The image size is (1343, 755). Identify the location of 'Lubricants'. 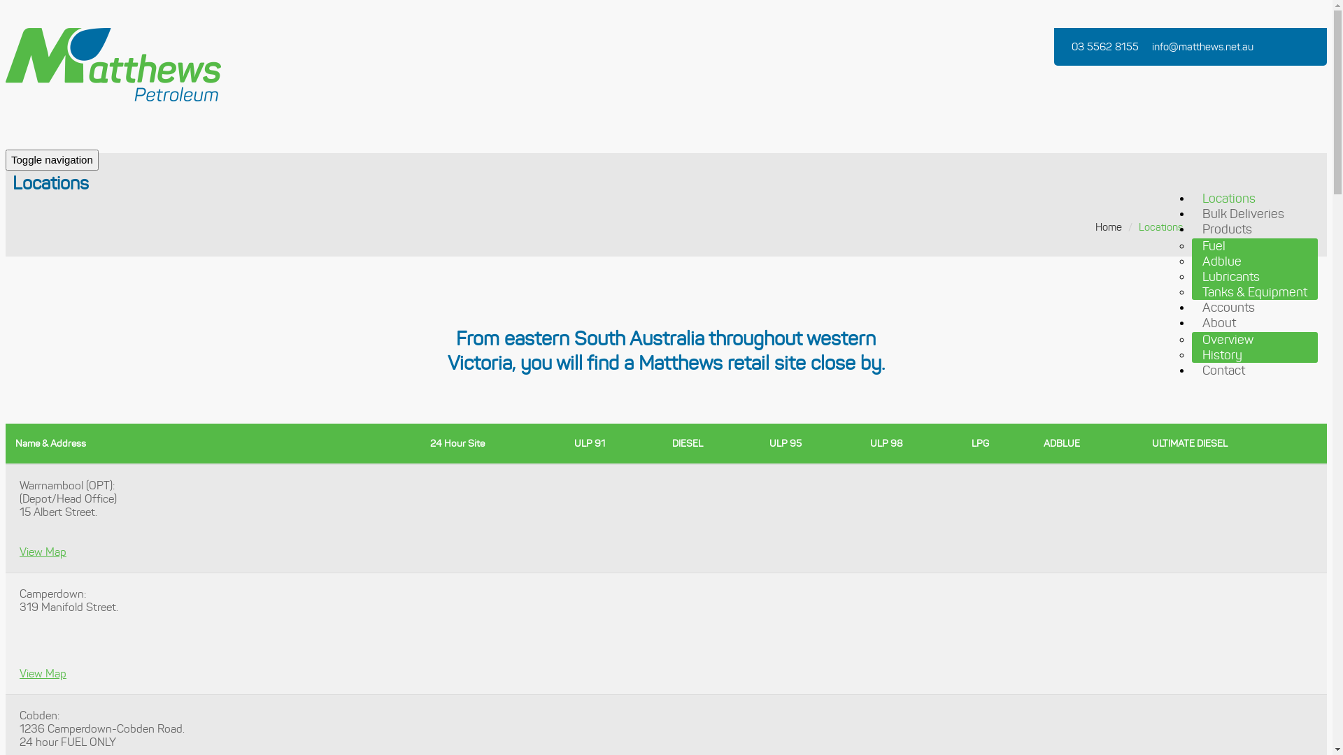
(1231, 277).